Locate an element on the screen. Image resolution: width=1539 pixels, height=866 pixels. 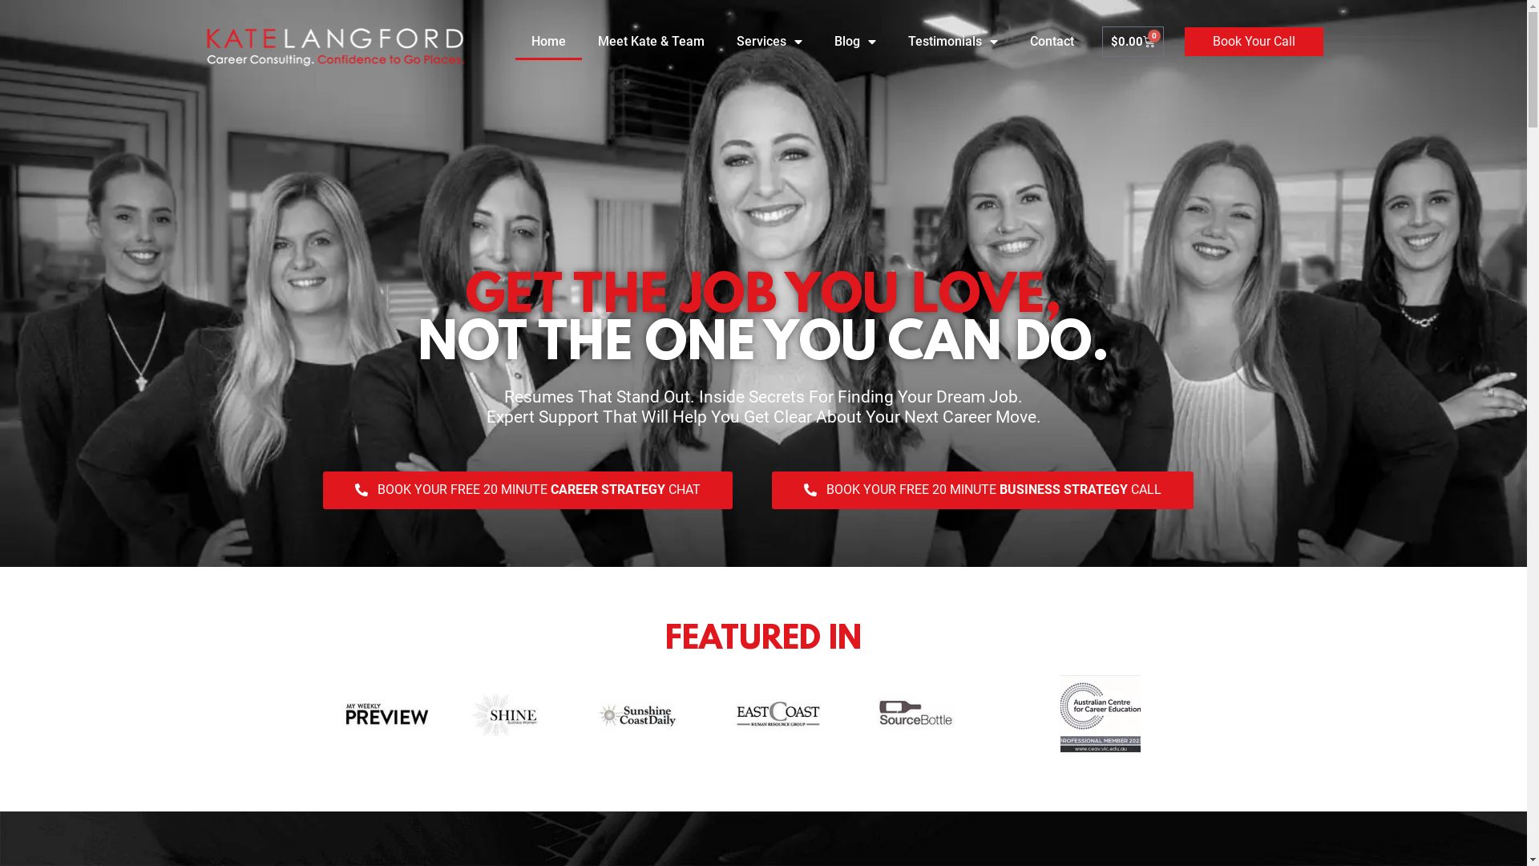
'Services' is located at coordinates (719, 40).